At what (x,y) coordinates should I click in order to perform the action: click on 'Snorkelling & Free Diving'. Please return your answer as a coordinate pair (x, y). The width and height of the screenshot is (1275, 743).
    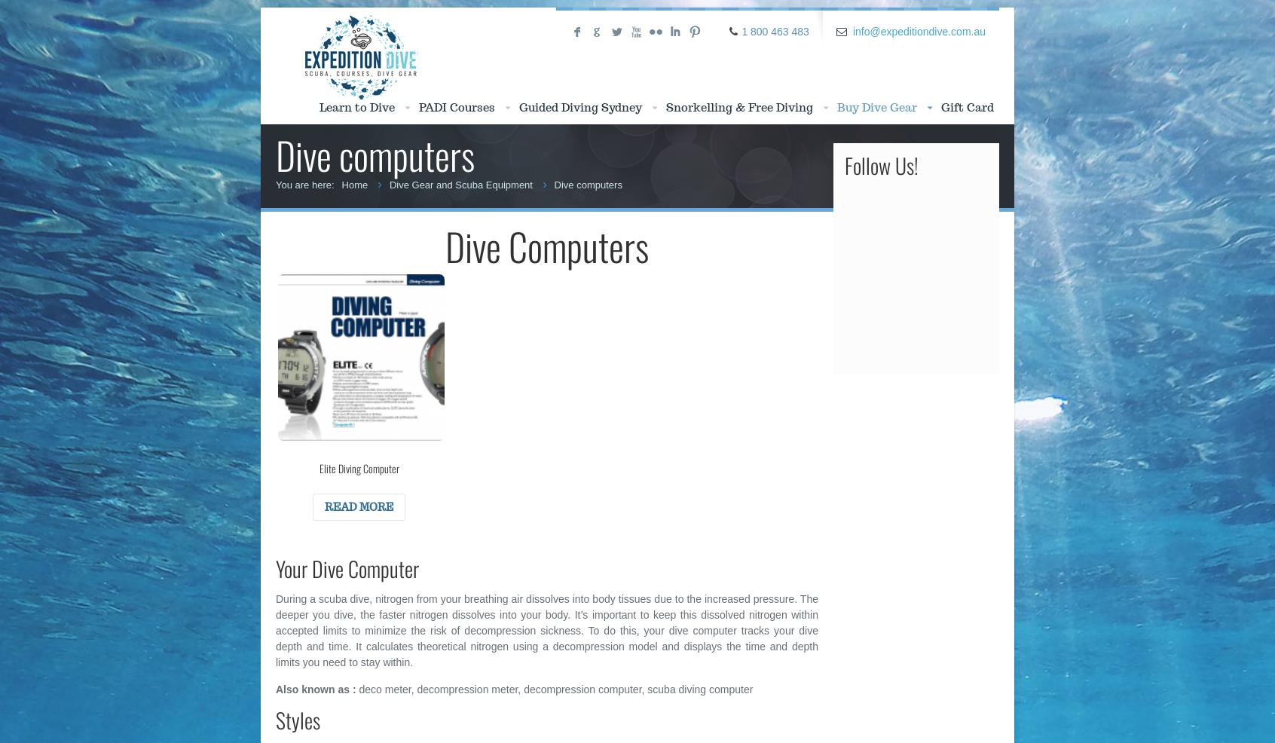
    Looking at the image, I should click on (665, 107).